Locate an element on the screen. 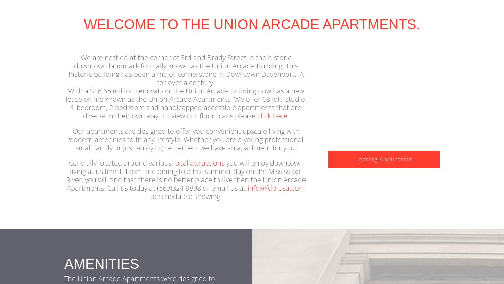 This screenshot has width=504, height=284. '.' is located at coordinates (287, 126).